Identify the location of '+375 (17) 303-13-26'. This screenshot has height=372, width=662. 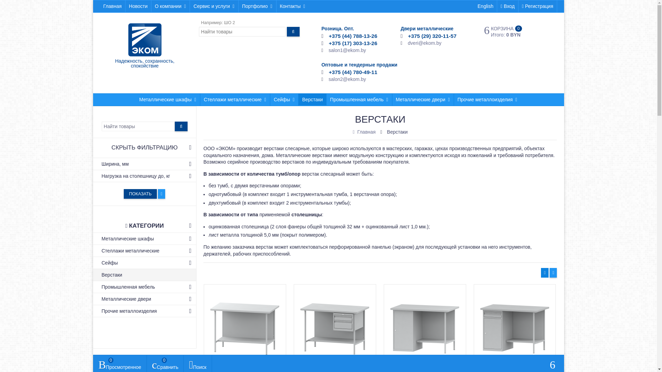
(328, 43).